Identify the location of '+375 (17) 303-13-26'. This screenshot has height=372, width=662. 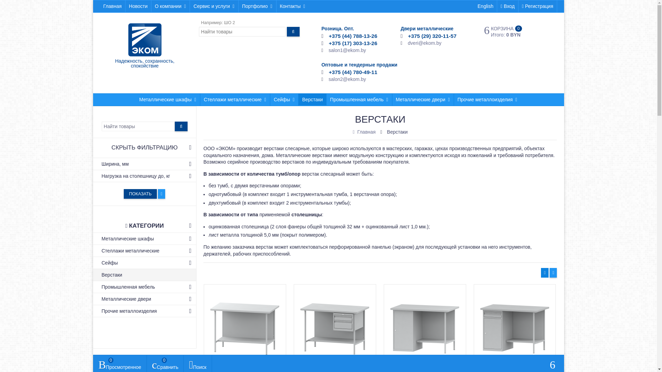
(328, 43).